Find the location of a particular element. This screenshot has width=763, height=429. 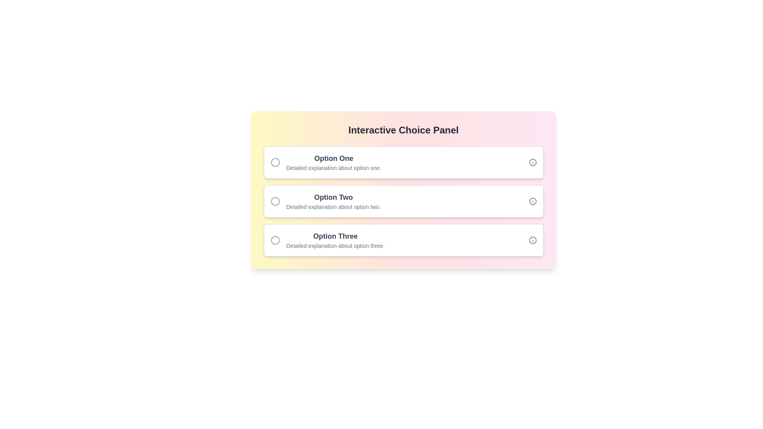

the circular SVG element of the radio button for 'Option Two' located within the 'Interactive Choice Panel' is located at coordinates (275, 201).